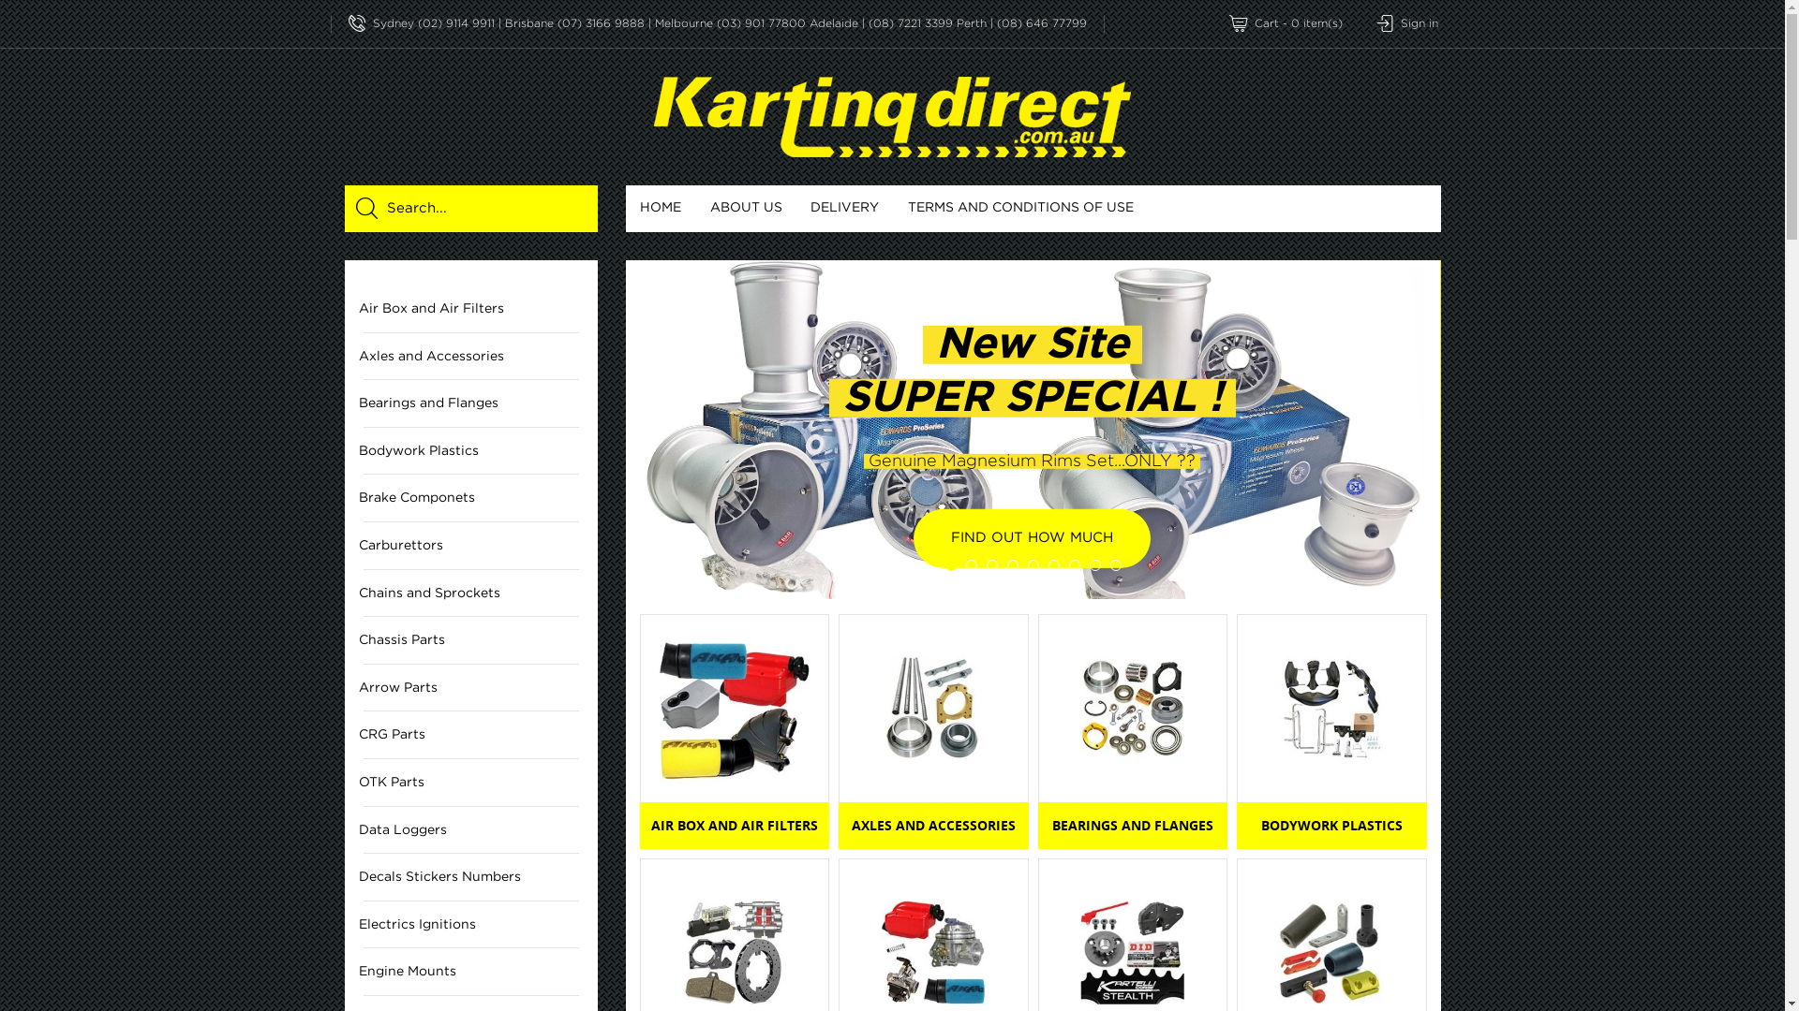  I want to click on 'Carburettors', so click(471, 546).